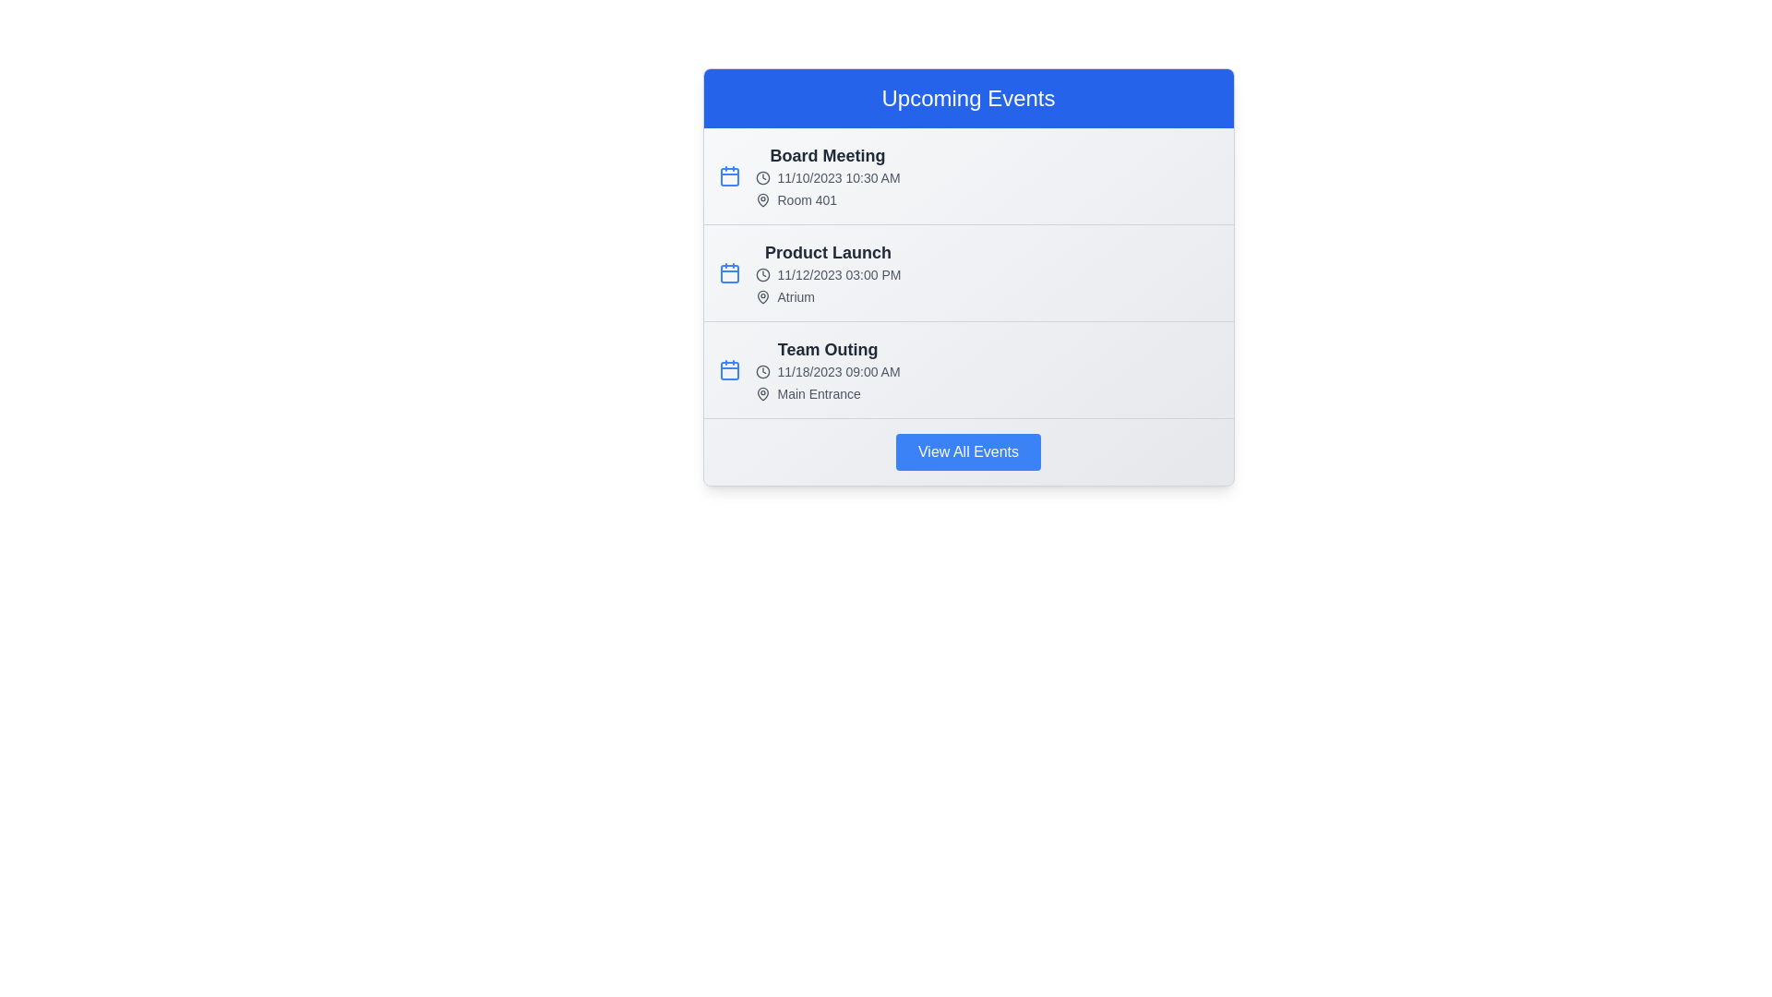 The image size is (1772, 997). I want to click on the scheduled date and time text element for the 'Board Meeting' event, which is located in the 'Upcoming Events' section, positioned below the event title and above 'Room 401', adjacent to the clock icon, so click(827, 177).